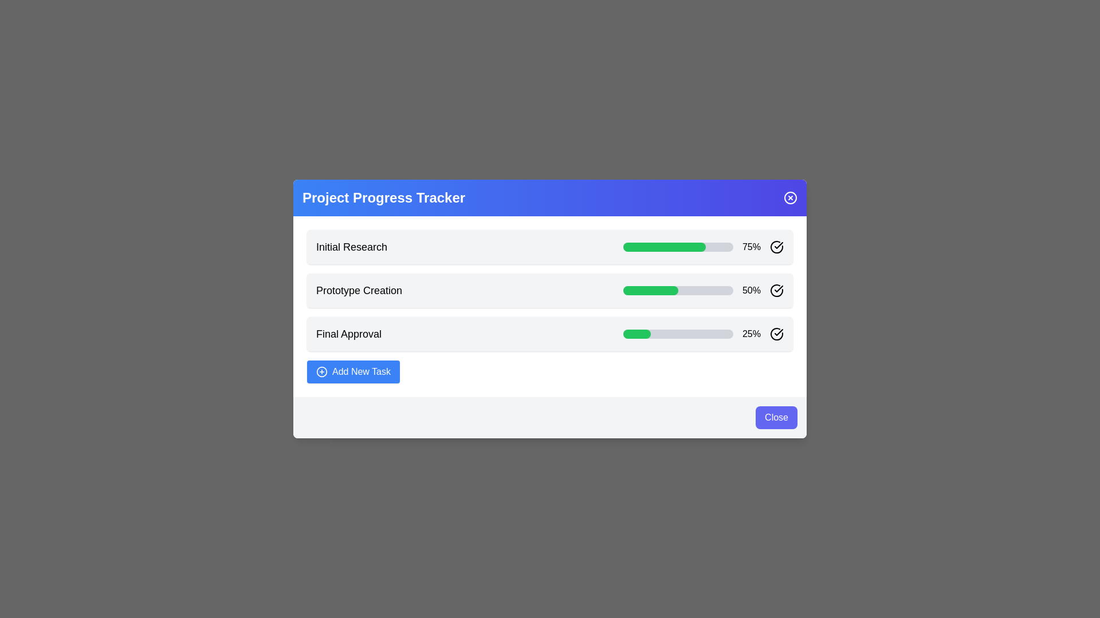 The image size is (1100, 618). Describe the element at coordinates (348, 334) in the screenshot. I see `the 'Final Approval' static text label, which is prominently displayed in a medium-sized bold black font at the bottom of the task listing in the progress tracker interface` at that location.